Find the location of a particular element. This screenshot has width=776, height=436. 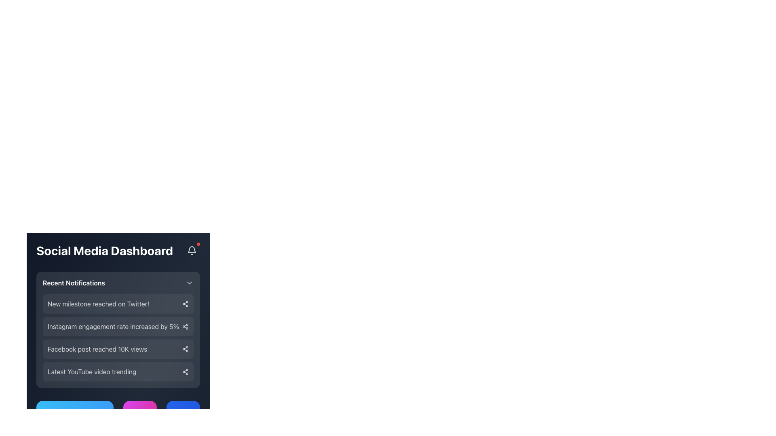

the notification item that informs users about a 5% increase in Instagram engagement rate, which is the second item in the vertically arranged notification list under the 'Recent Notifications' header is located at coordinates (118, 326).